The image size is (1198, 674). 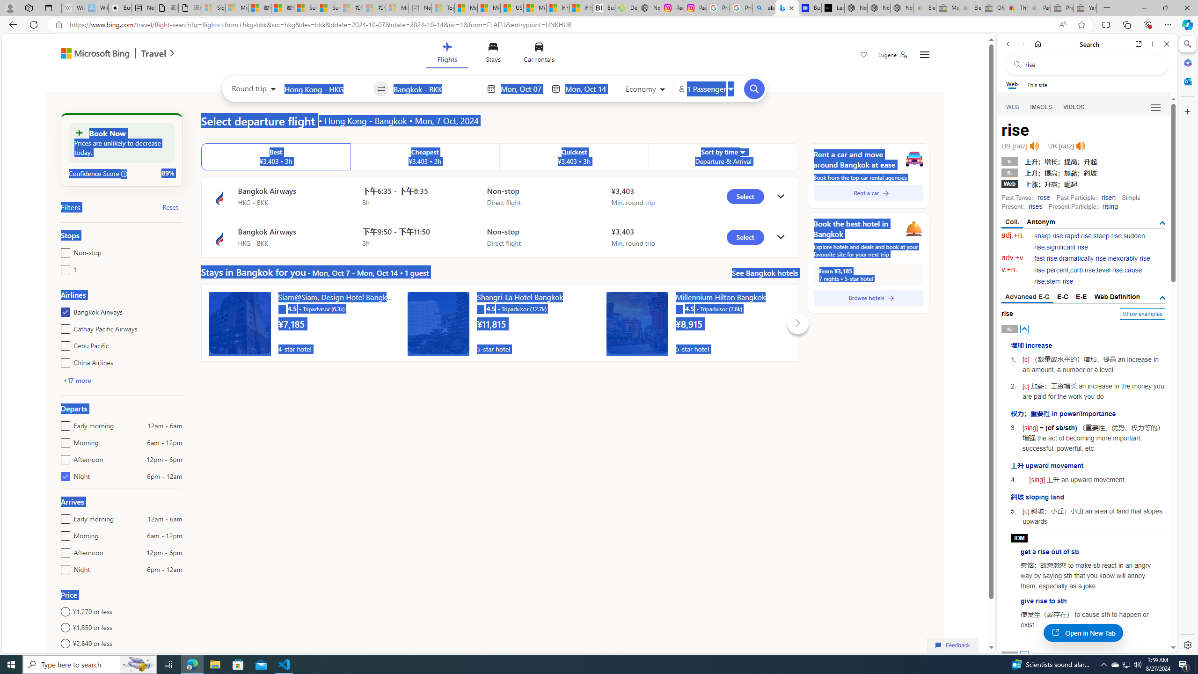 I want to click on 'WEB', so click(x=1013, y=107).